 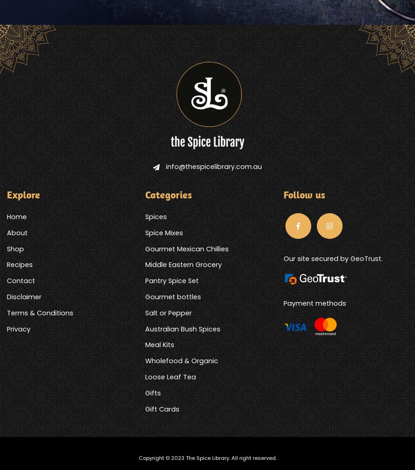 I want to click on 'Contact', so click(x=20, y=281).